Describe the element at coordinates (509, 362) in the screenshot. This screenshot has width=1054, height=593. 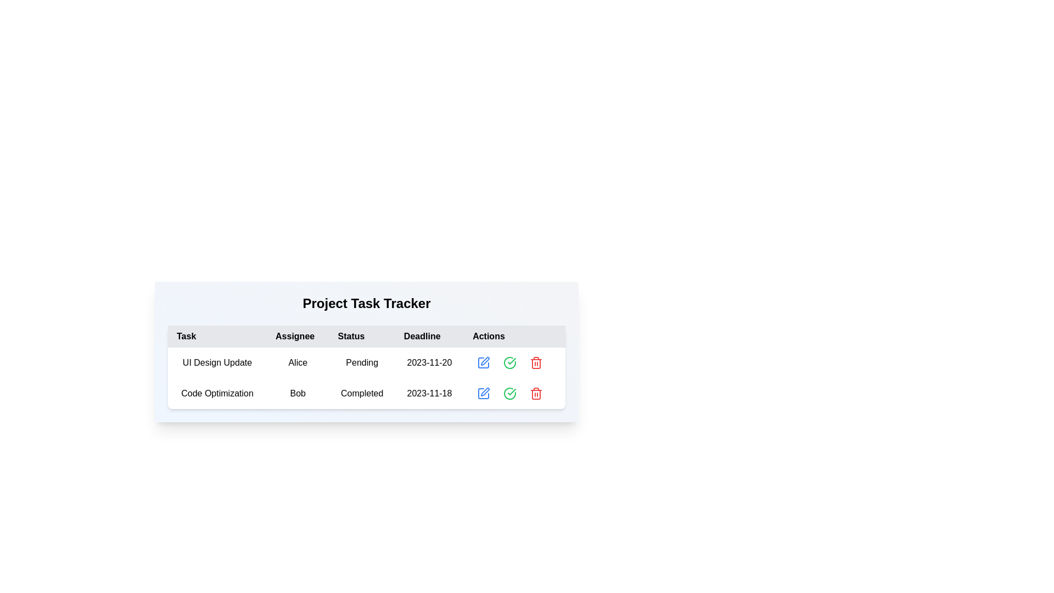
I see `the button located in the 'Actions' column of the second row of the table for the task 'UI Design Update' to mark it as completed` at that location.